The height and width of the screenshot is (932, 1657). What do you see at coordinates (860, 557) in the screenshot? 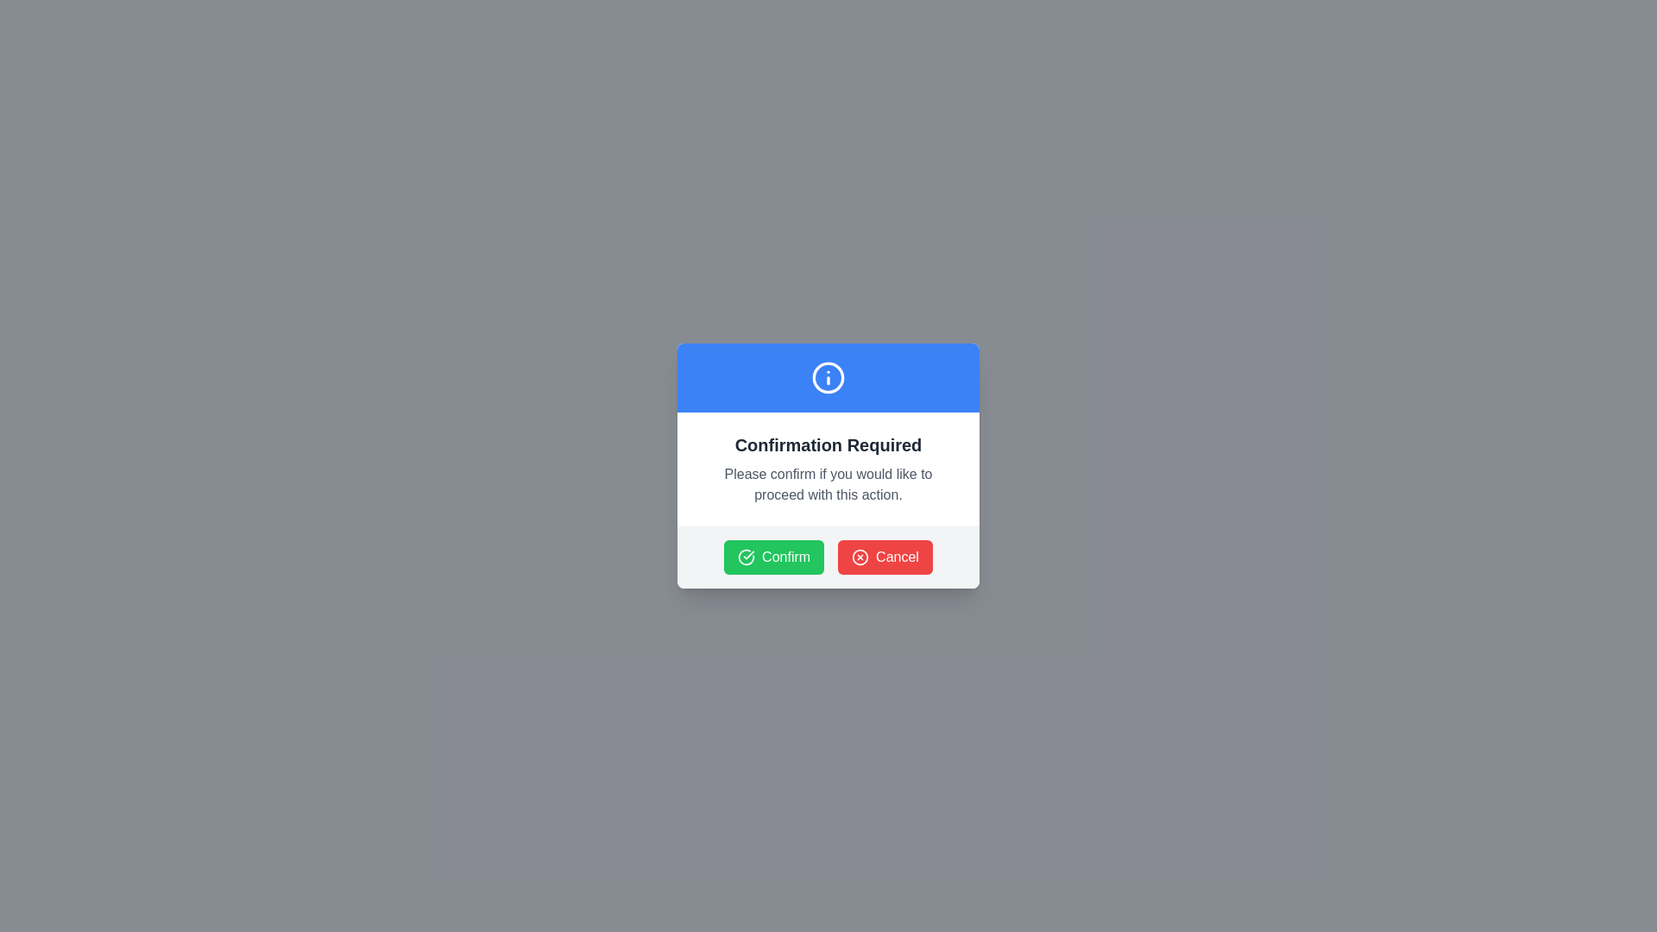
I see `the first SVG circle element within the modal dialog, which is part of an icon representation` at bounding box center [860, 557].